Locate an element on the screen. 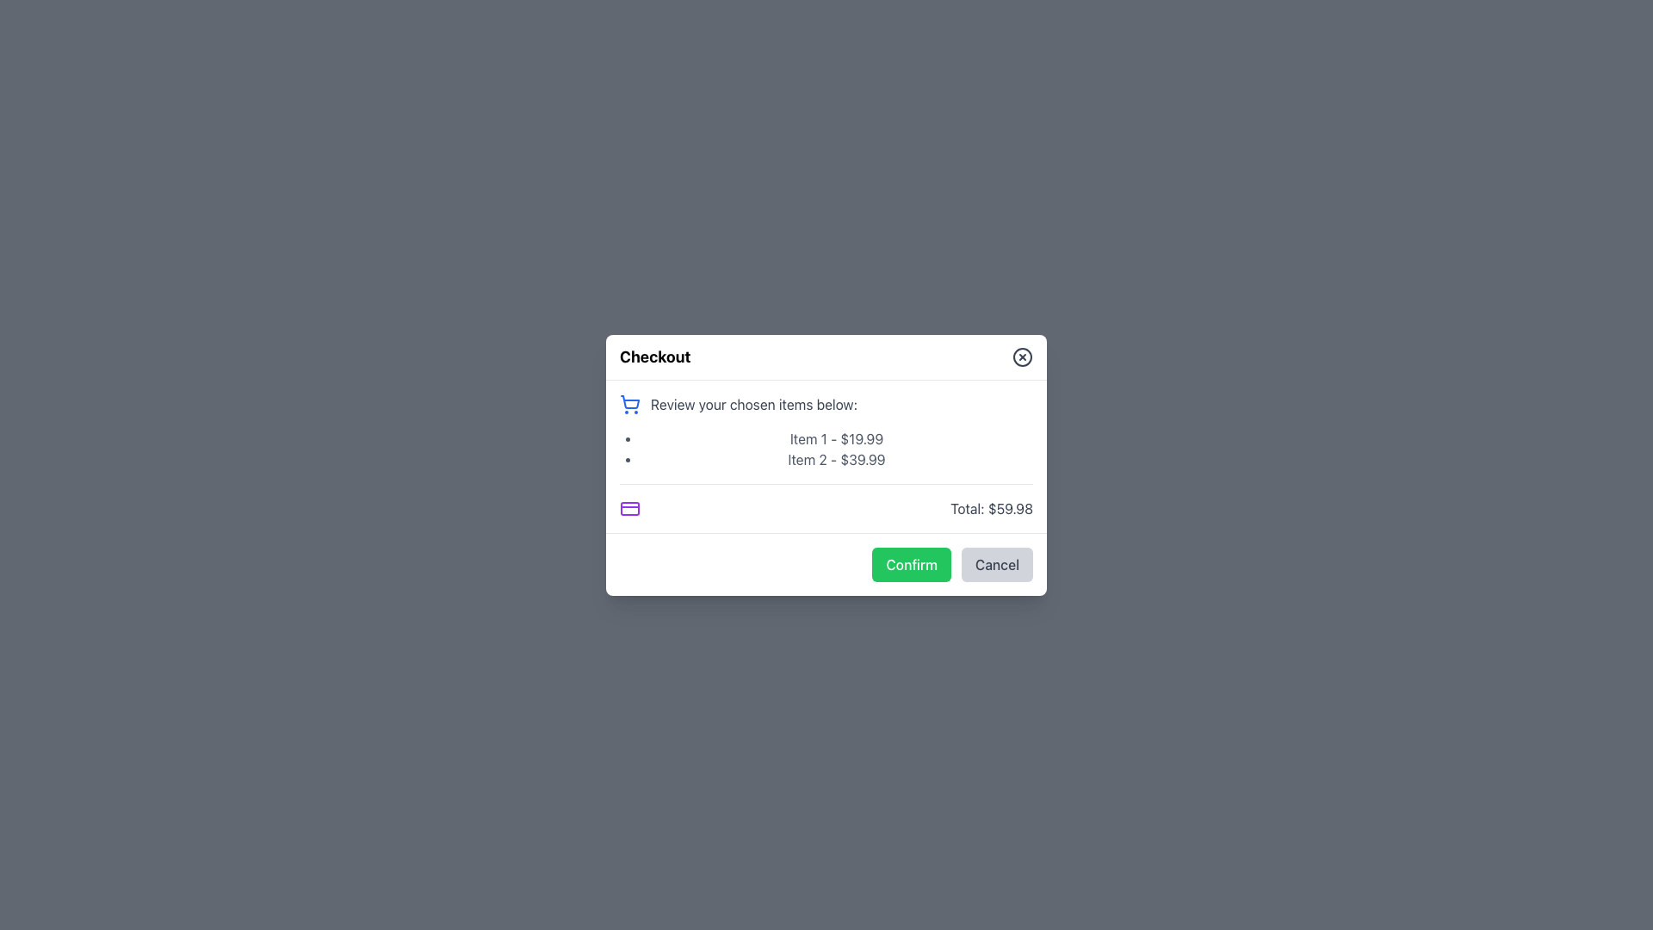 The height and width of the screenshot is (930, 1653). the main body of the shopping cart icon, which is represented by a thick blue outline within the 'Checkout' dialog box, adjacent to the text 'Review your chosen items below' is located at coordinates (629, 401).